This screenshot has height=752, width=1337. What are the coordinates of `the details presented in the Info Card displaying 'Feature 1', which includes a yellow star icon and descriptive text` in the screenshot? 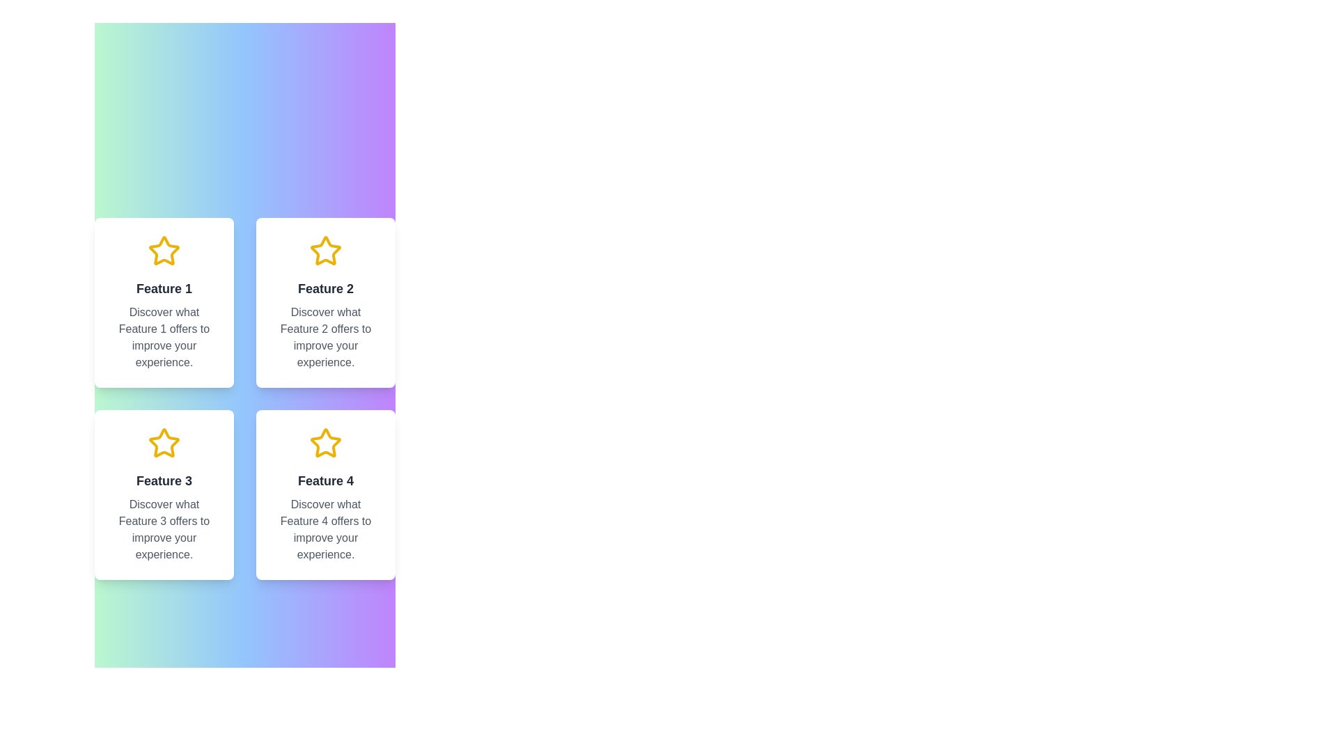 It's located at (164, 302).